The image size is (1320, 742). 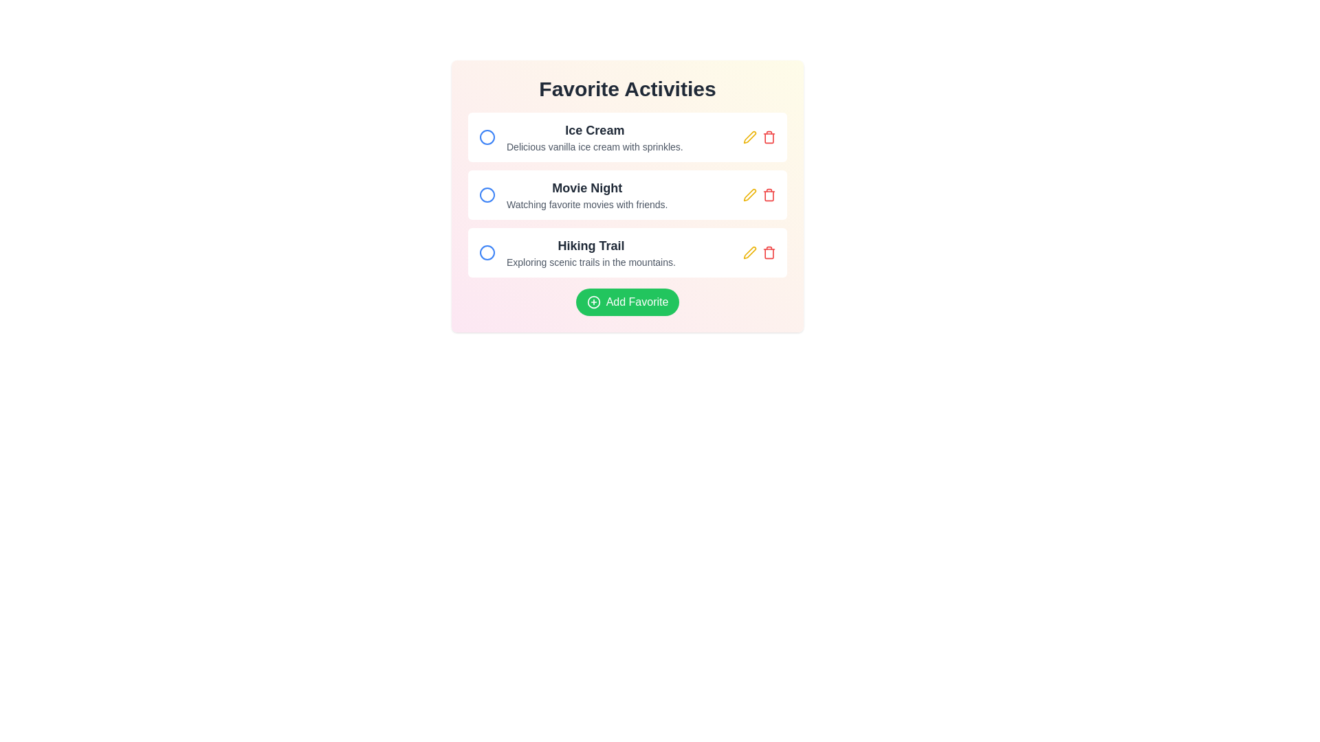 What do you see at coordinates (593, 301) in the screenshot?
I see `the illustration (circle within a graphic icon) that is part of the green 'Add Favorite' button, located at the bottom section of the interface` at bounding box center [593, 301].